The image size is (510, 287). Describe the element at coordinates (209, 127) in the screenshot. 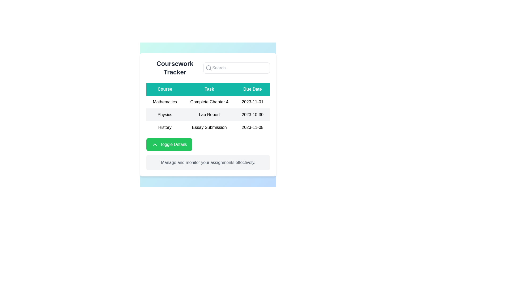

I see `the text label 'Essay Submission' located in the second column under the 'Task' header in the table layout` at that location.